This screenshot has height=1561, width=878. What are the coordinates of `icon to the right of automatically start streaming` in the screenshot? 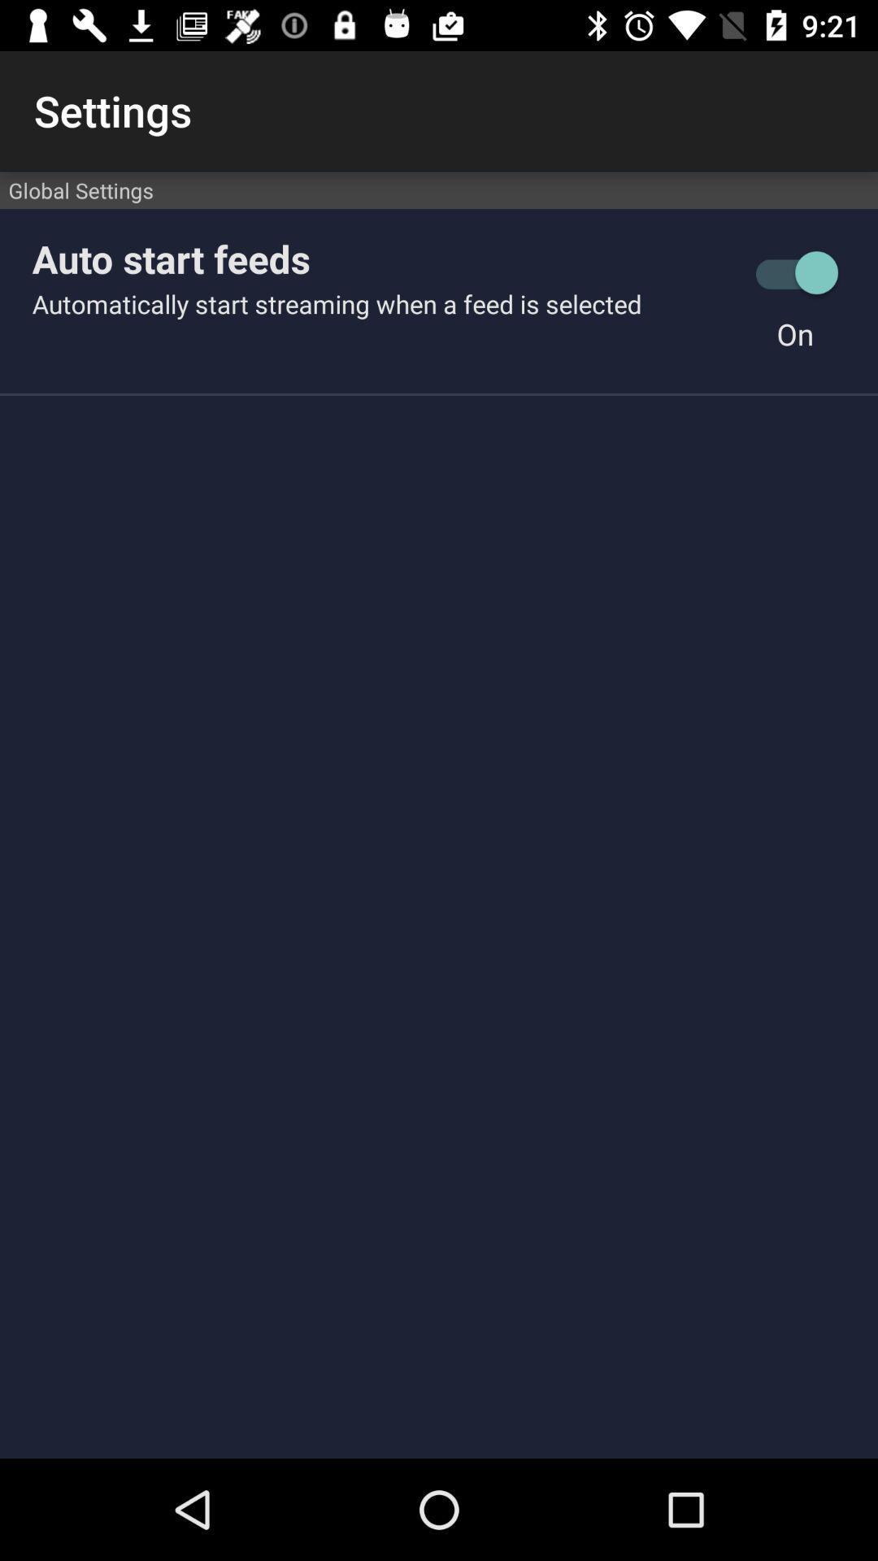 It's located at (794, 333).